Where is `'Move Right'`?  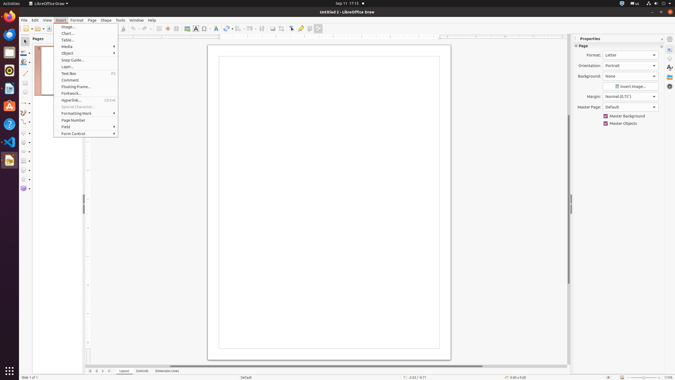 'Move Right' is located at coordinates (103, 371).